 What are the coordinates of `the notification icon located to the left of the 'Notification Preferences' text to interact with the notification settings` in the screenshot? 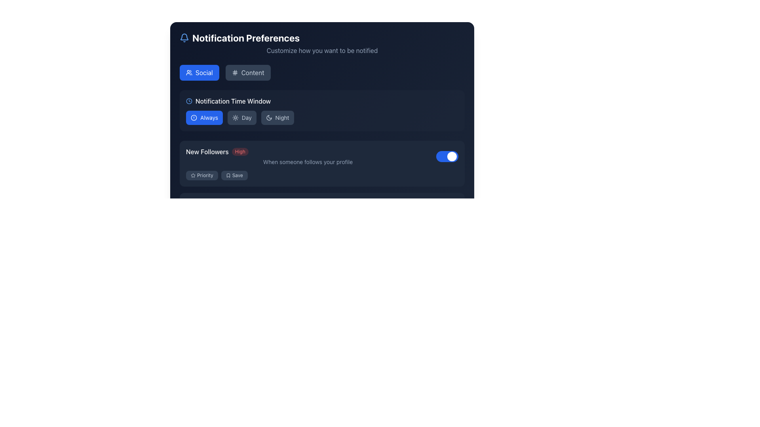 It's located at (184, 38).